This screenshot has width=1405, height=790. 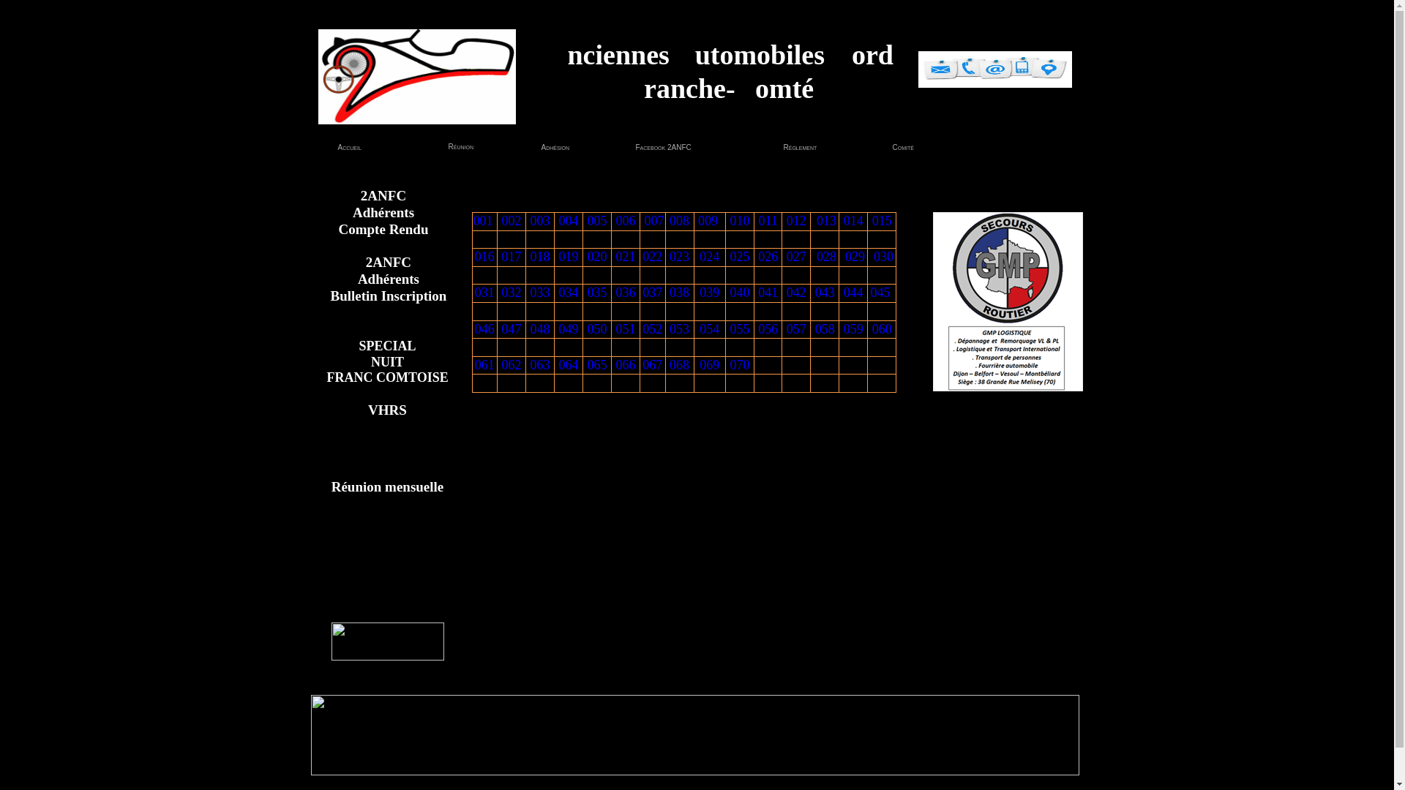 I want to click on '059', so click(x=843, y=329).